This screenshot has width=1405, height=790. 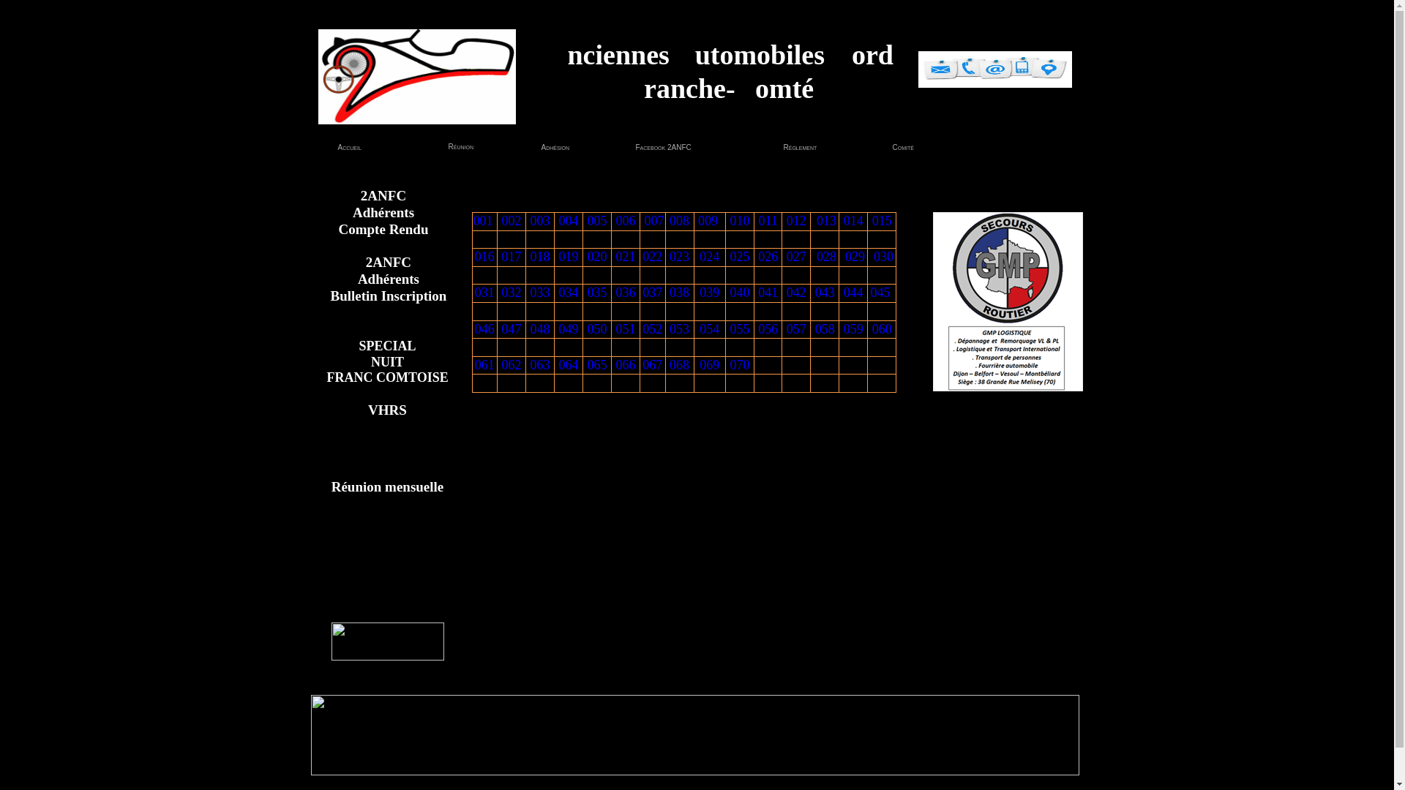 I want to click on '059', so click(x=843, y=329).